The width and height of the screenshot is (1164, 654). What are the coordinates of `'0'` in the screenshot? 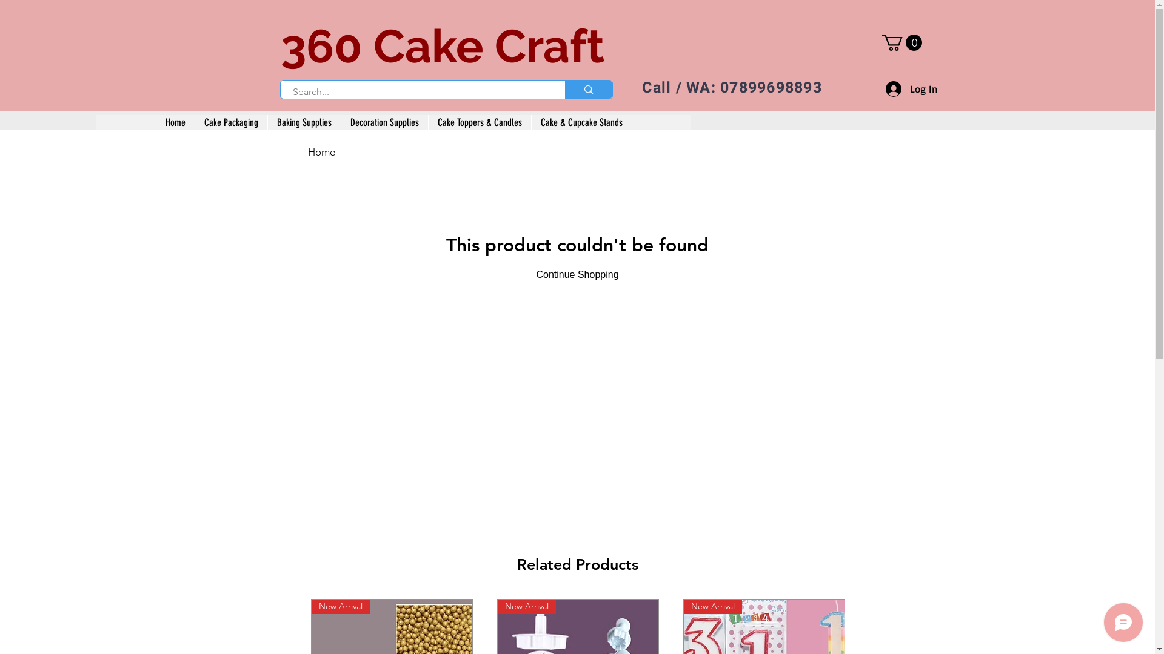 It's located at (881, 42).